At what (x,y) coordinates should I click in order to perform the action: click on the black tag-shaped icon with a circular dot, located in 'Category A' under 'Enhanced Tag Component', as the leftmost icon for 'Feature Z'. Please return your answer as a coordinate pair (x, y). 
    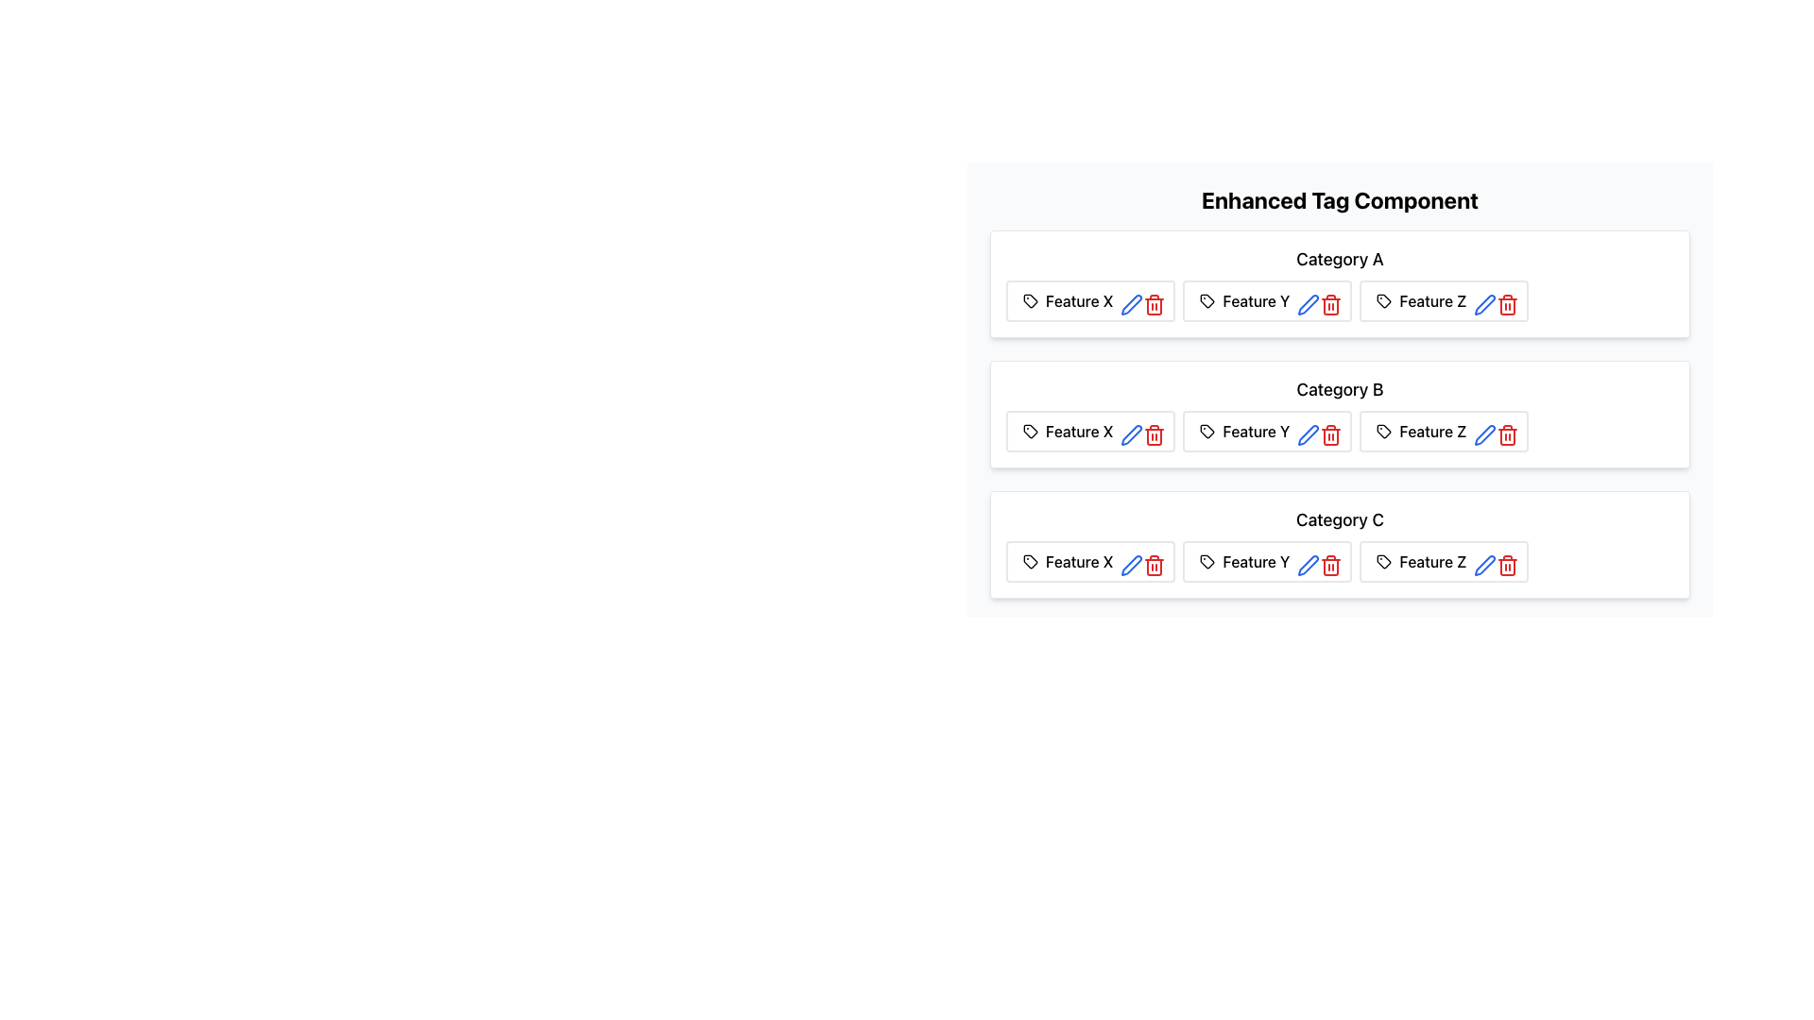
    Looking at the image, I should click on (1384, 300).